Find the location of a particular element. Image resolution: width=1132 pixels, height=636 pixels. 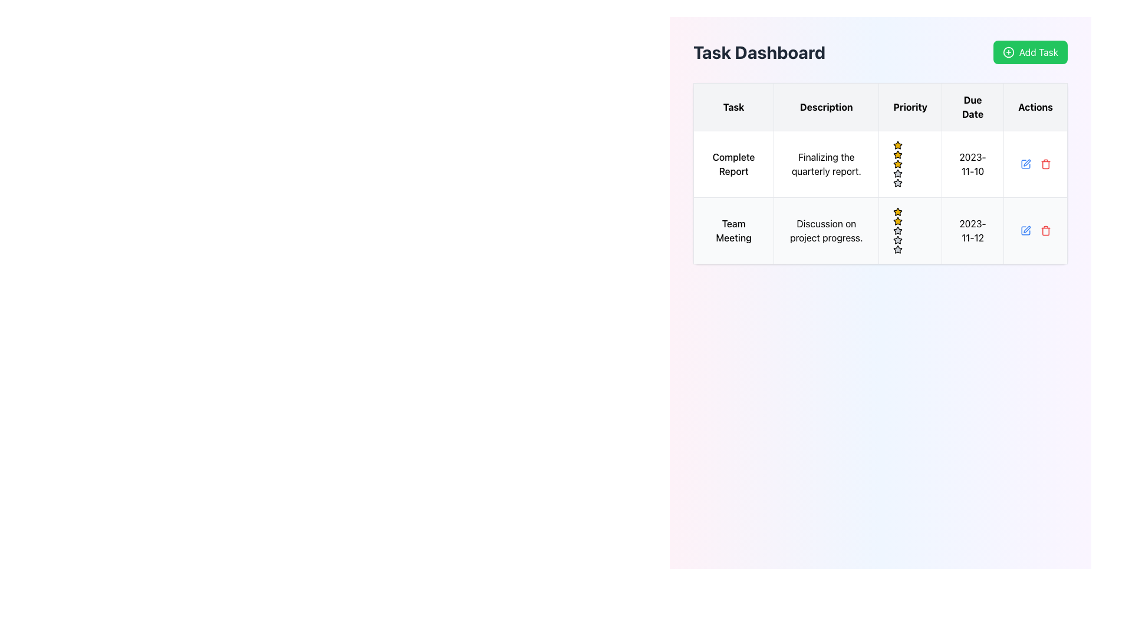

the Table Header Cell indicating 'Due Date' in the fourth column of the table header is located at coordinates (973, 107).